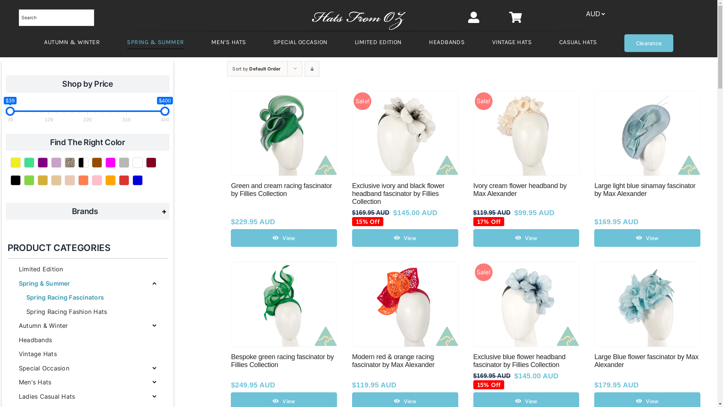 The width and height of the screenshot is (723, 407). What do you see at coordinates (91, 312) in the screenshot?
I see `'Spring Racing Fashion Hats'` at bounding box center [91, 312].